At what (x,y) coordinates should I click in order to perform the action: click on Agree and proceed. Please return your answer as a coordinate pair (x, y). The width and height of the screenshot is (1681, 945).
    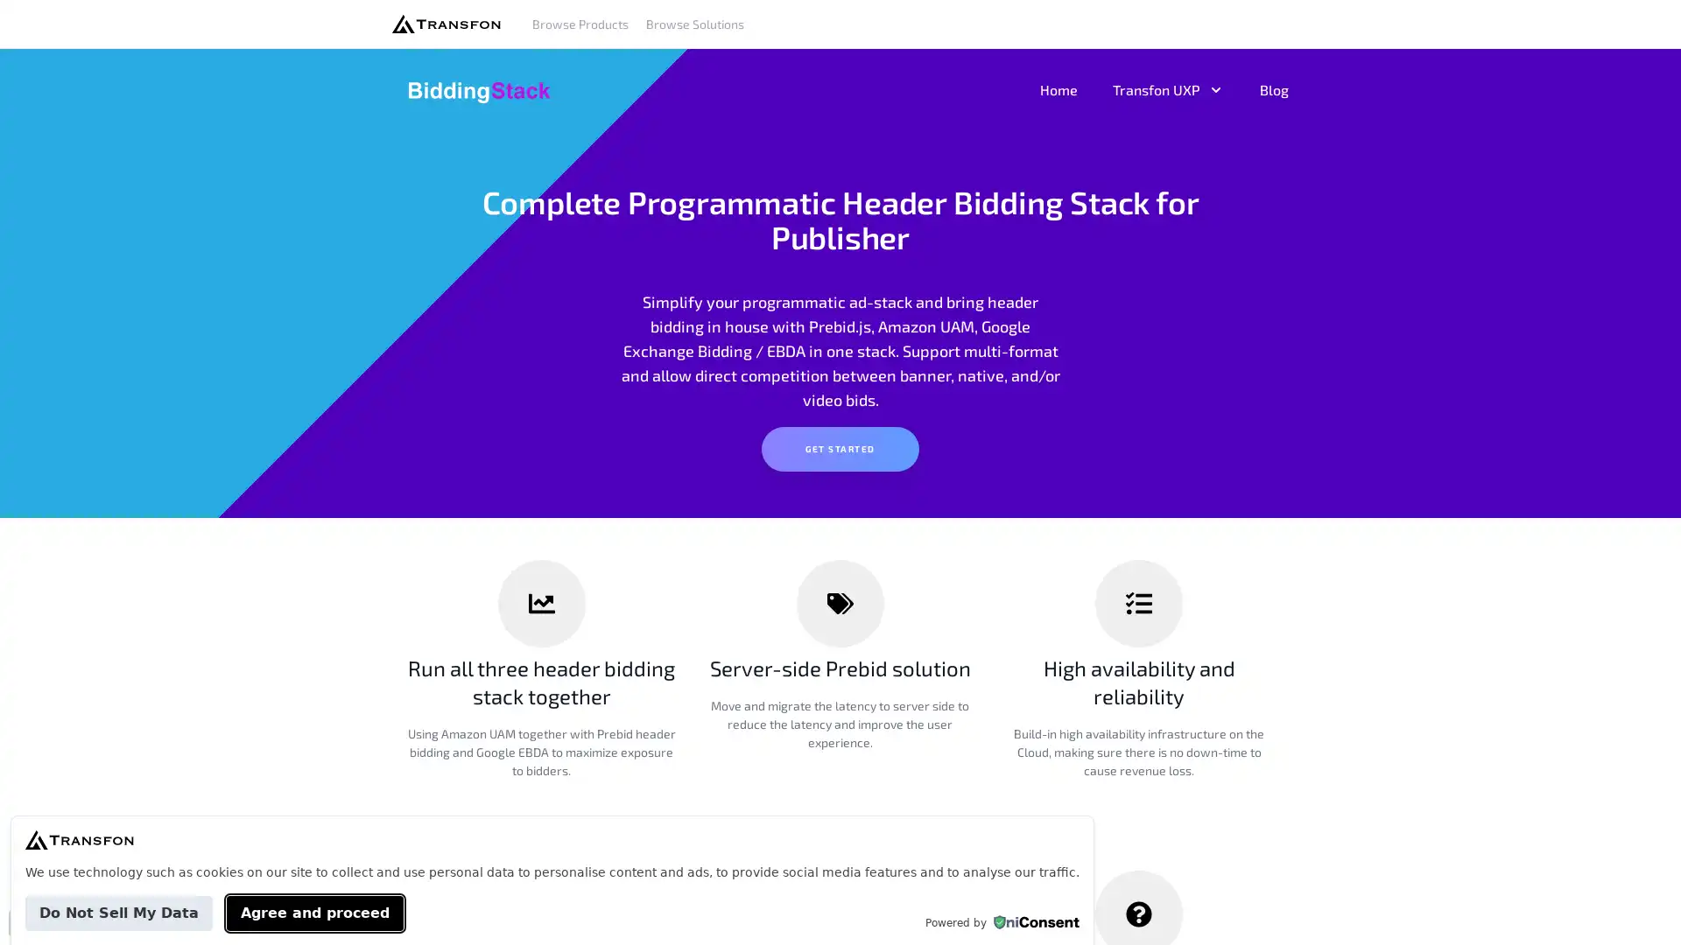
    Looking at the image, I should click on (315, 913).